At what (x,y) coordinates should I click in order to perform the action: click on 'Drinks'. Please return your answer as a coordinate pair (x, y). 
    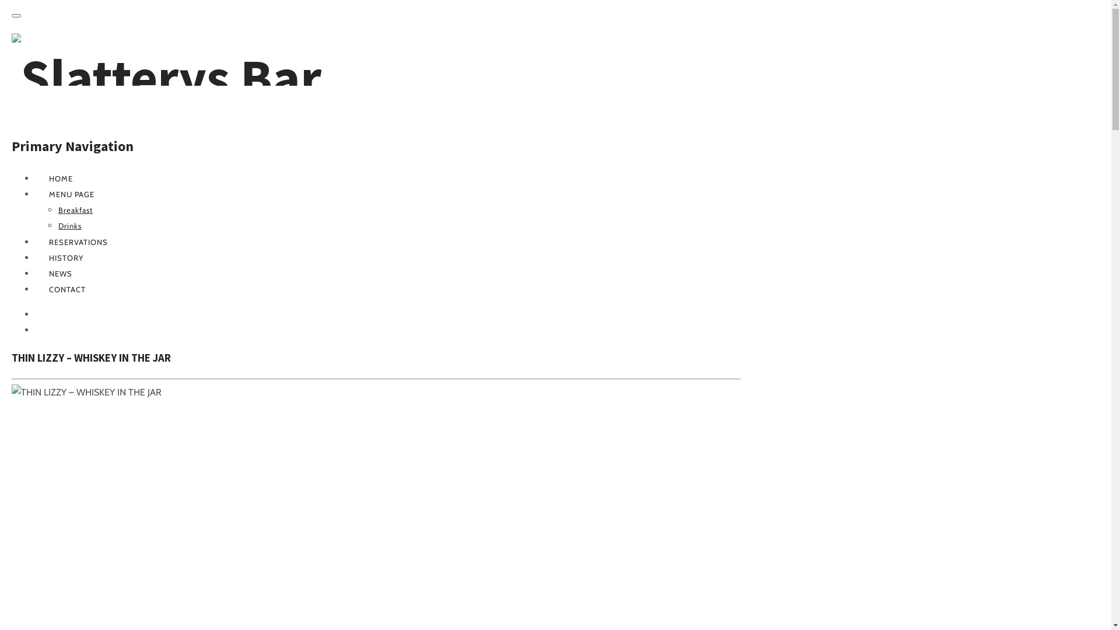
    Looking at the image, I should click on (69, 225).